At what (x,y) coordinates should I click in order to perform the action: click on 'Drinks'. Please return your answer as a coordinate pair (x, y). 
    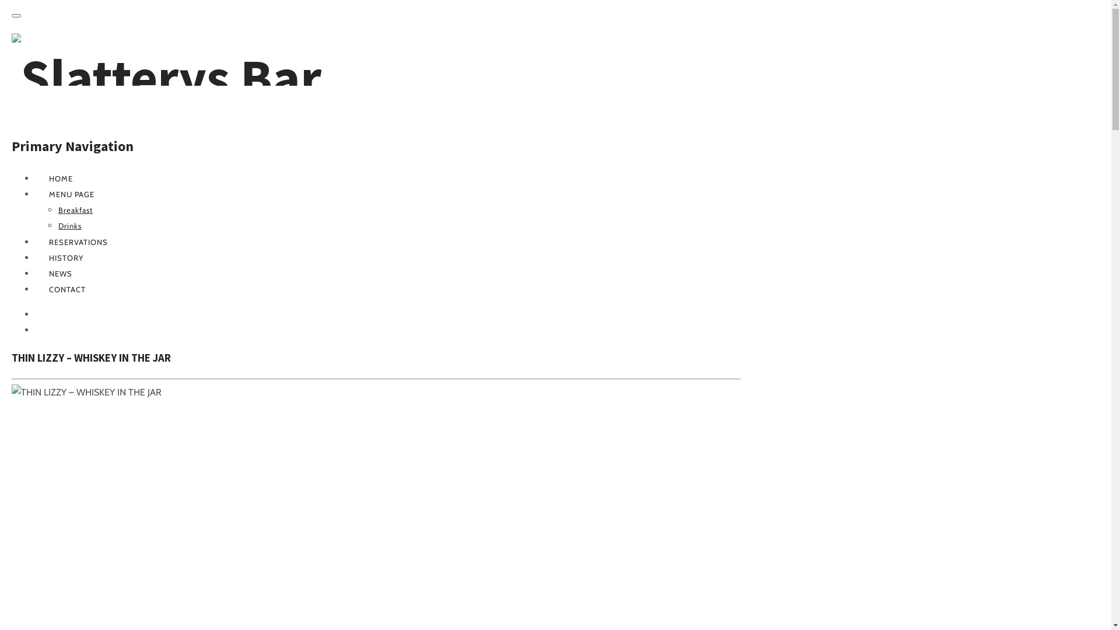
    Looking at the image, I should click on (69, 225).